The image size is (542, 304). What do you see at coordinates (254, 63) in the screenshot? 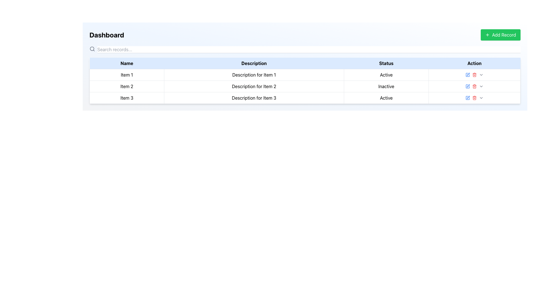
I see `the table column header labeled 'Description', which is styled with a light blue background and bold black text, located between the 'Name' and 'Status' headers` at bounding box center [254, 63].